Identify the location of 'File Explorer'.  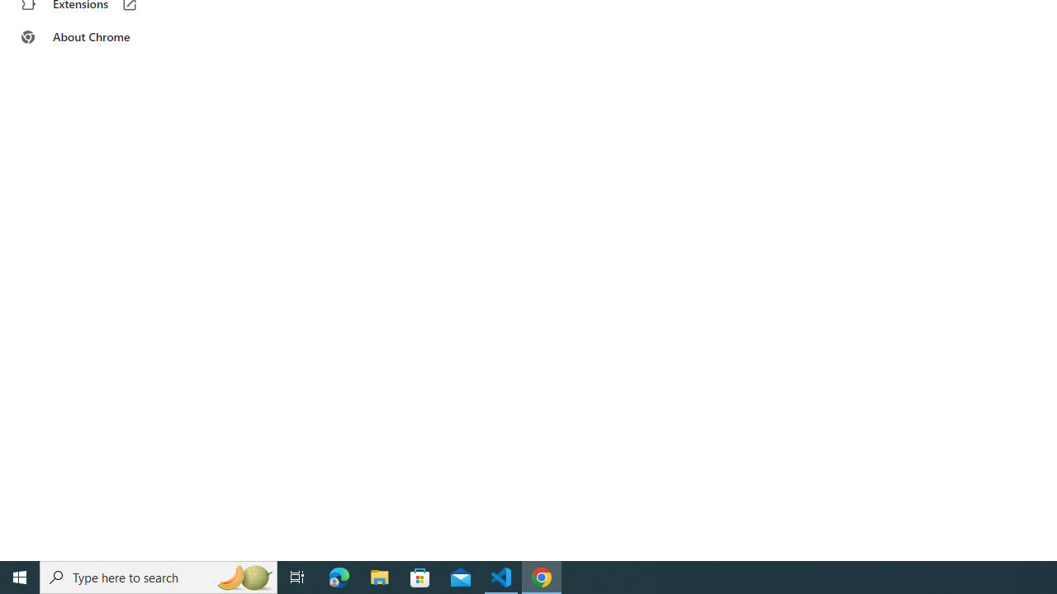
(379, 576).